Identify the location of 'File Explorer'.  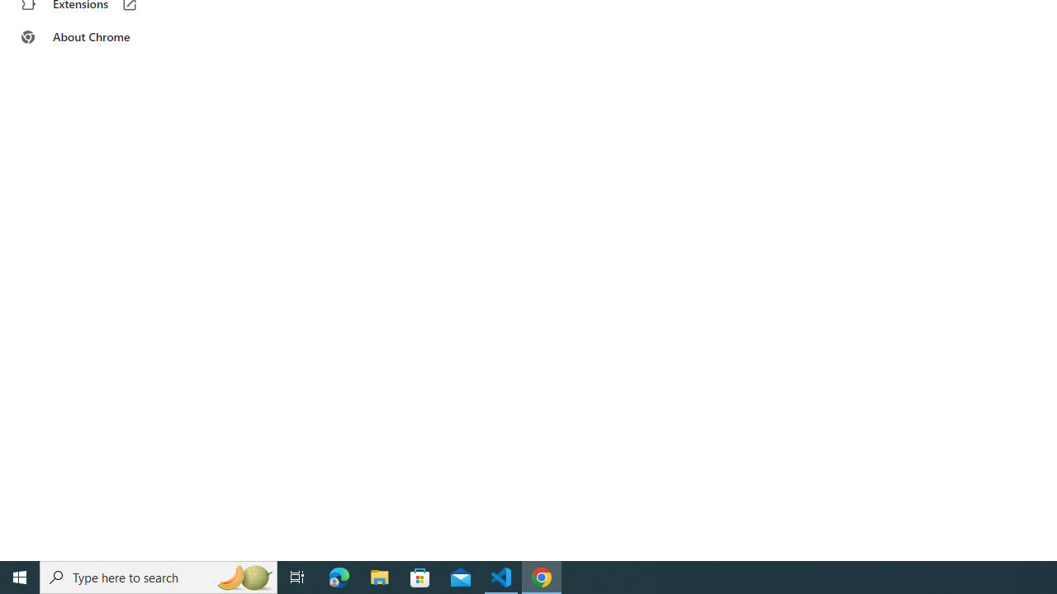
(379, 576).